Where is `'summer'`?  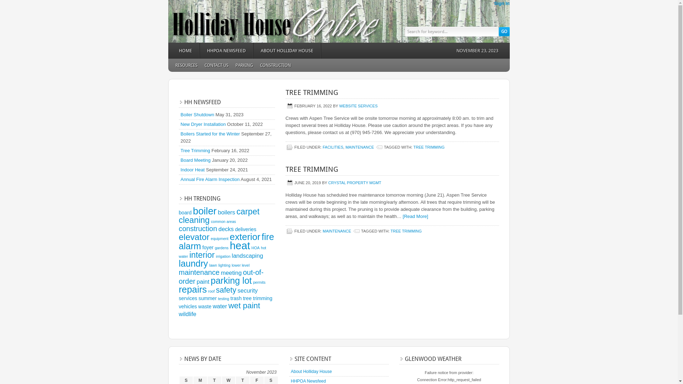 'summer' is located at coordinates (198, 298).